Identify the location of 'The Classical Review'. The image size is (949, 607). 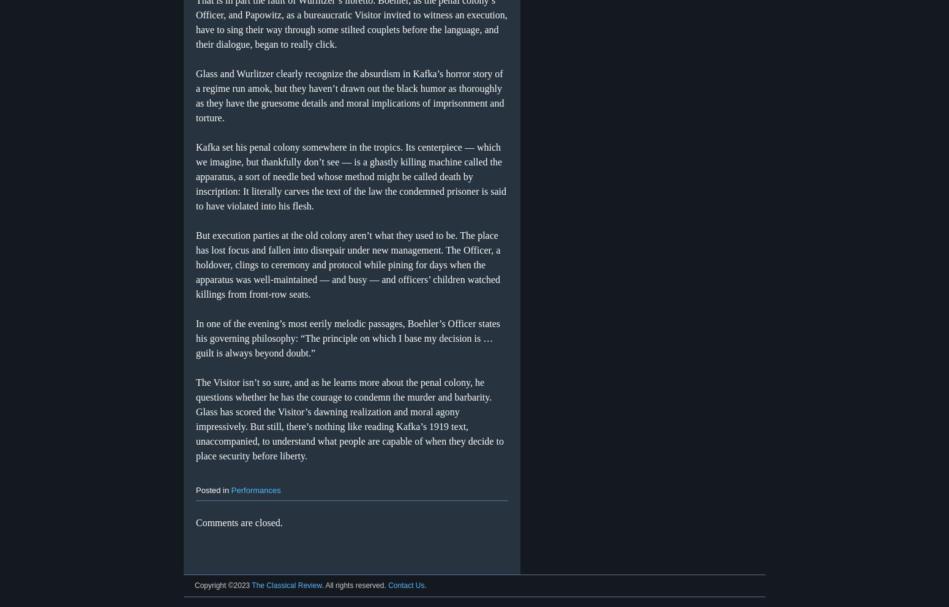
(285, 586).